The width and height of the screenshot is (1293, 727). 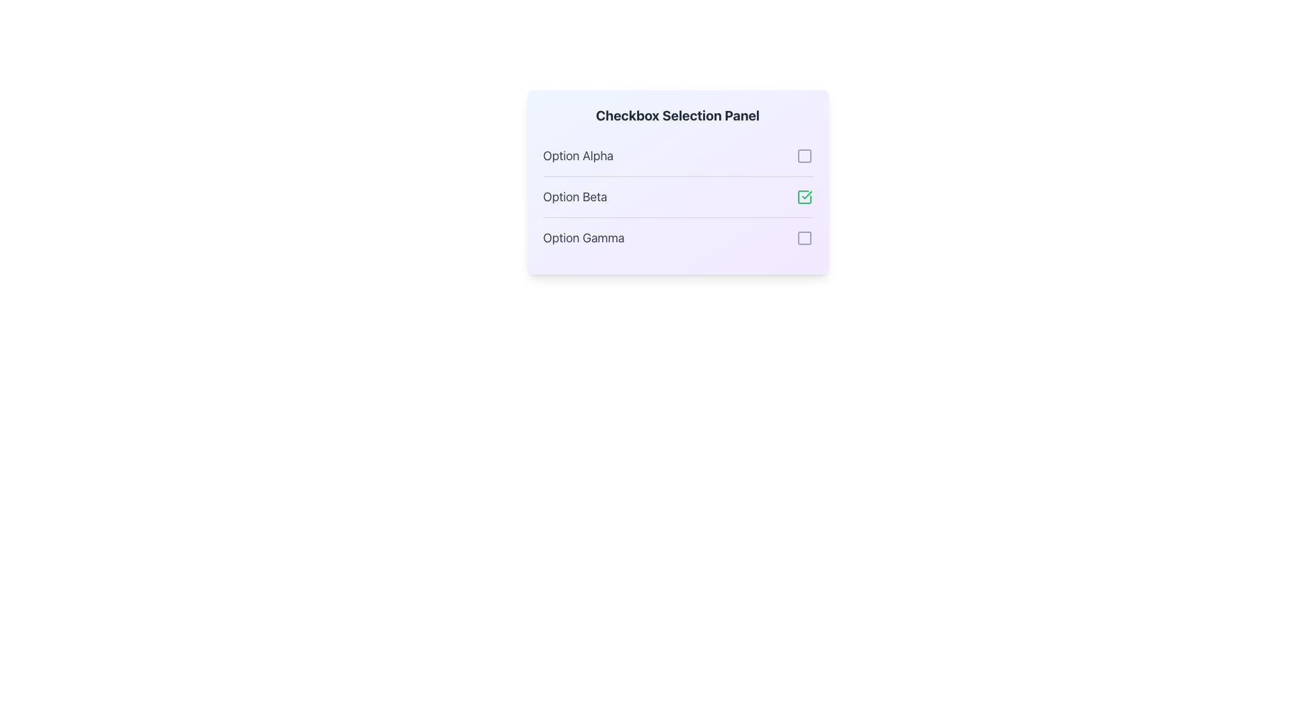 I want to click on the empty checkbox aligned with the 'Option Alpha' label, so click(x=804, y=155).